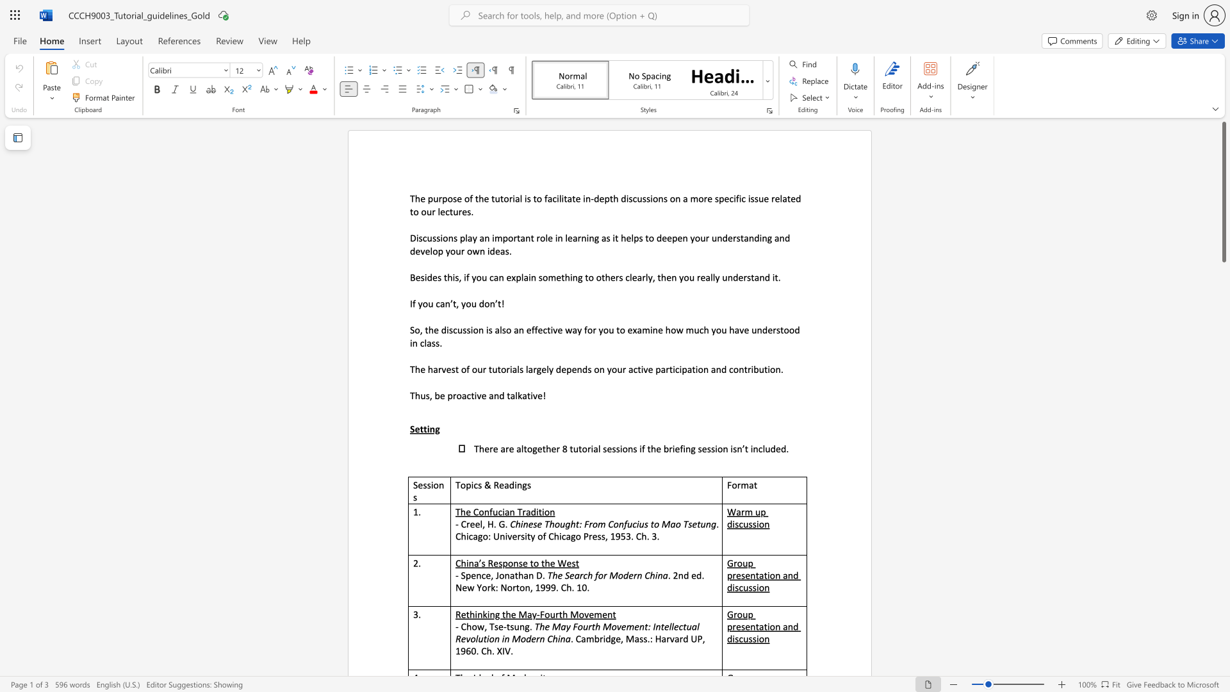  What do you see at coordinates (1223, 602) in the screenshot?
I see `the scrollbar on the side` at bounding box center [1223, 602].